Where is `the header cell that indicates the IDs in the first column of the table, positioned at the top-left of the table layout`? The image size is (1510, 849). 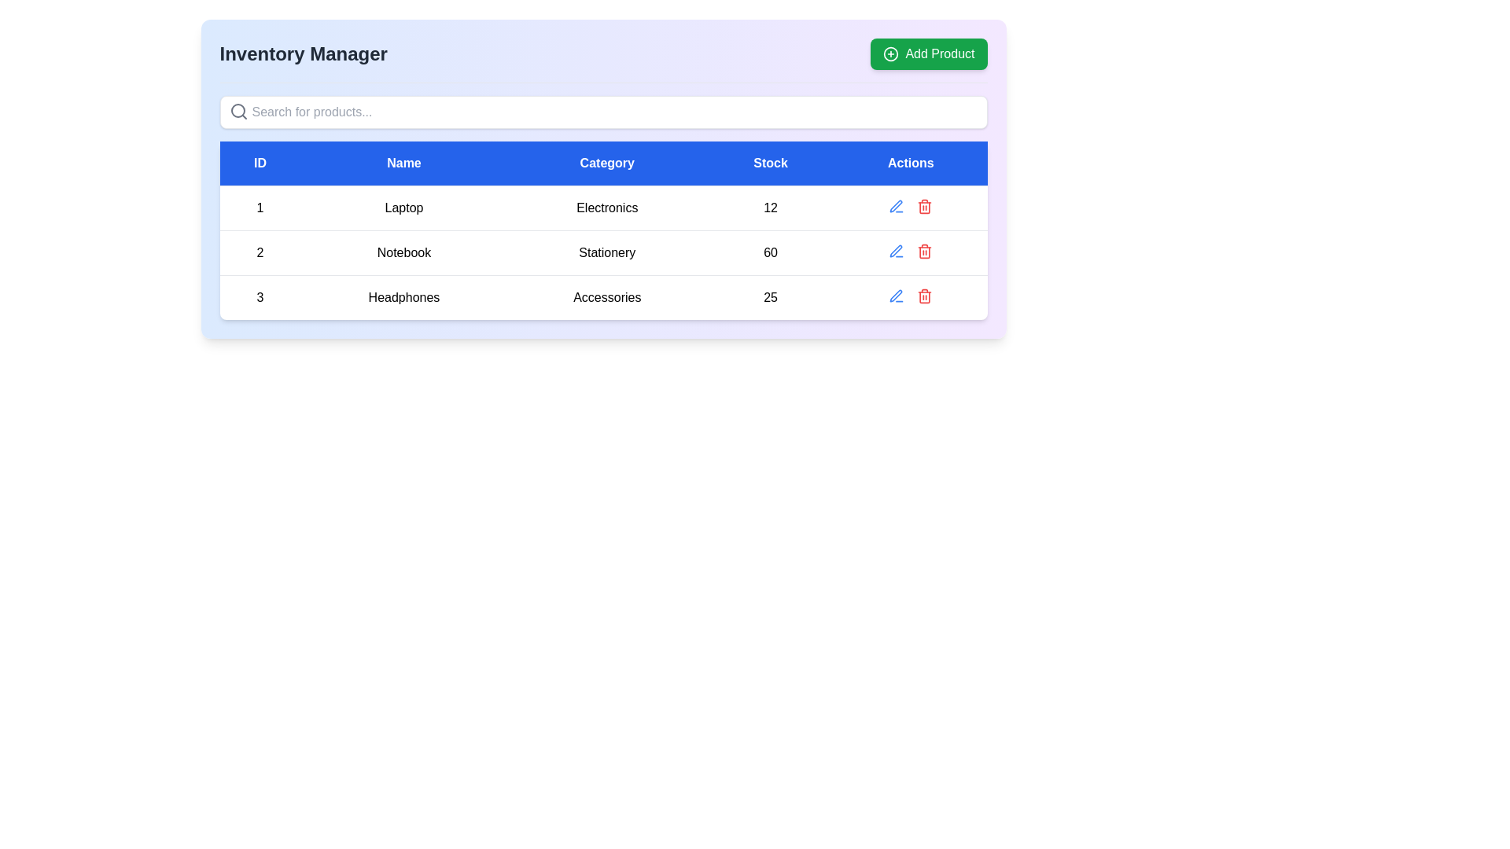
the header cell that indicates the IDs in the first column of the table, positioned at the top-left of the table layout is located at coordinates (260, 164).